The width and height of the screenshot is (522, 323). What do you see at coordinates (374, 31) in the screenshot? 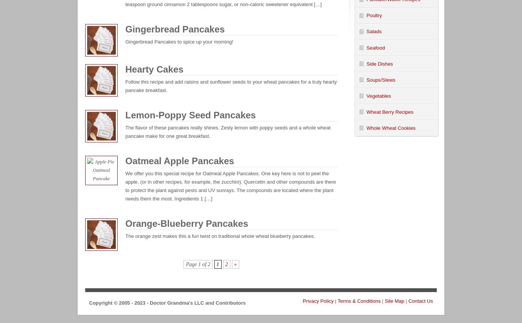
I see `'Salads'` at bounding box center [374, 31].